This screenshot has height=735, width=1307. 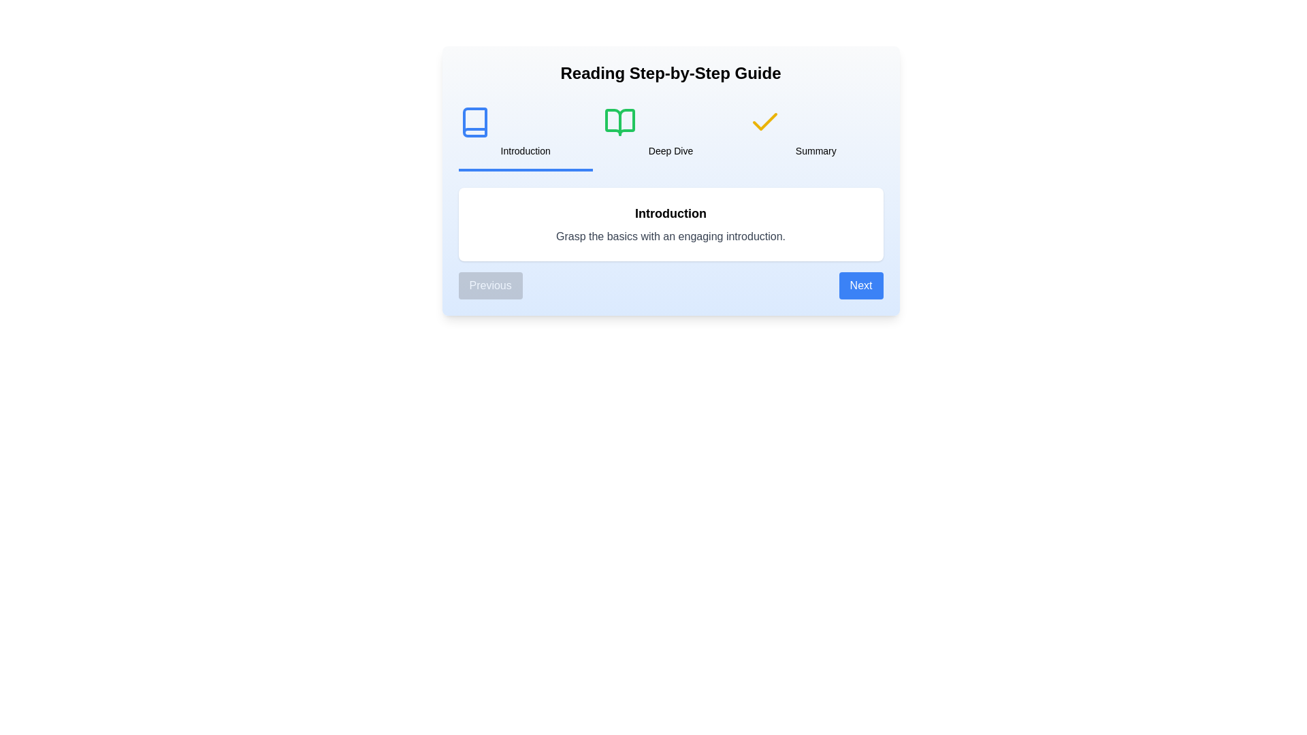 What do you see at coordinates (816, 133) in the screenshot?
I see `the step title Summary to switch to the corresponding step` at bounding box center [816, 133].